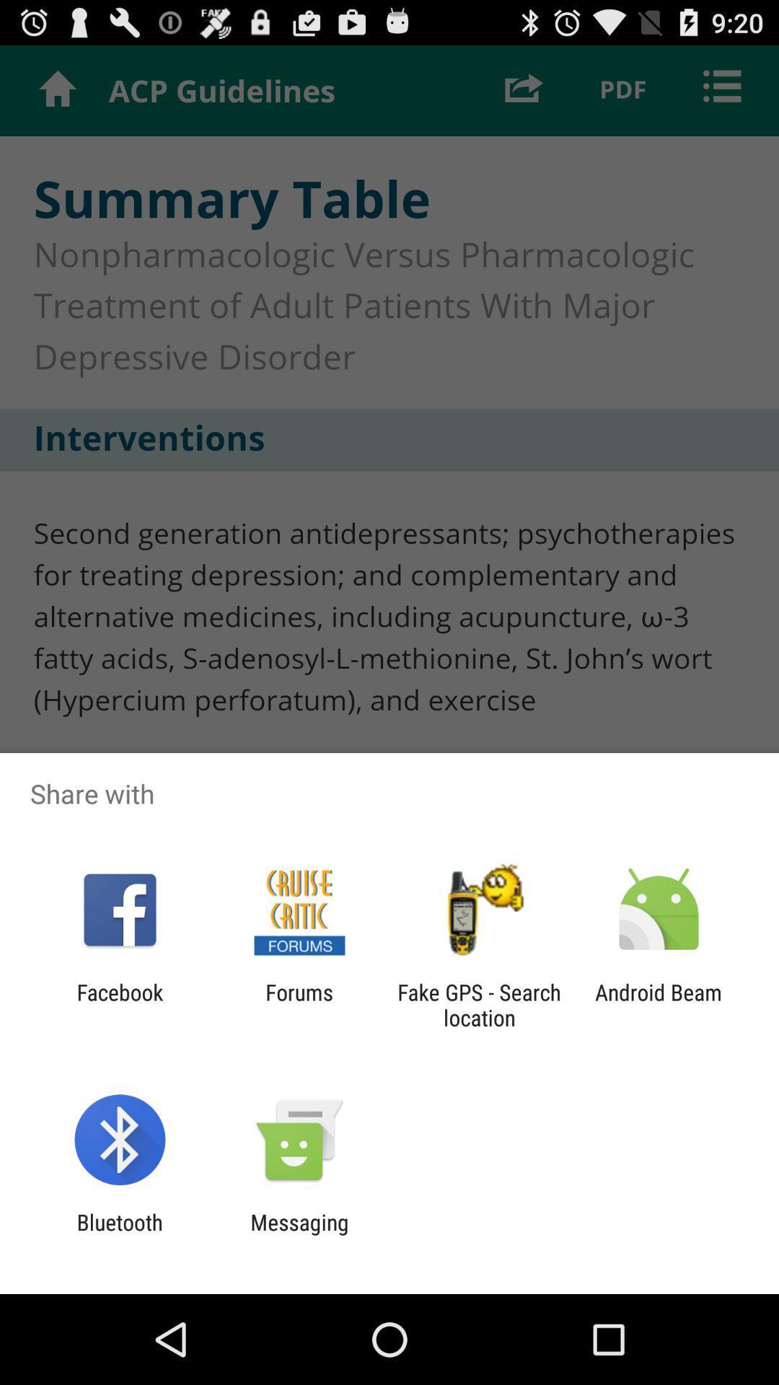 The height and width of the screenshot is (1385, 779). I want to click on the item next to the bluetooth item, so click(299, 1234).